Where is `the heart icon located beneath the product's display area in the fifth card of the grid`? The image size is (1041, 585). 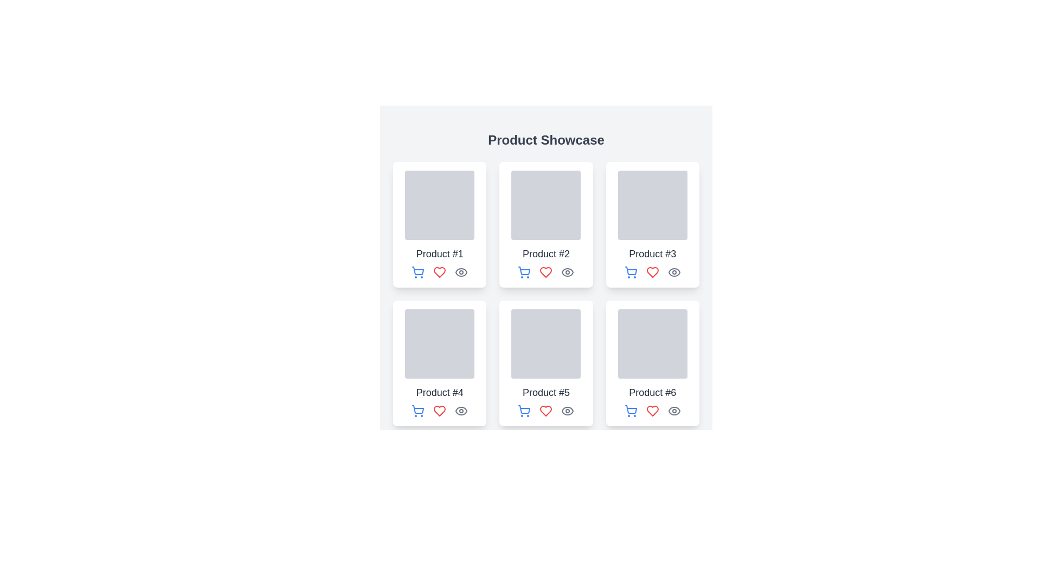 the heart icon located beneath the product's display area in the fifth card of the grid is located at coordinates (546, 411).